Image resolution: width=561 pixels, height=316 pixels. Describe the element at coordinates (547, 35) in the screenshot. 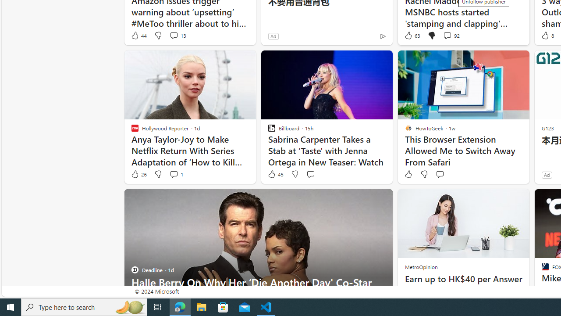

I see `'8 Like'` at that location.